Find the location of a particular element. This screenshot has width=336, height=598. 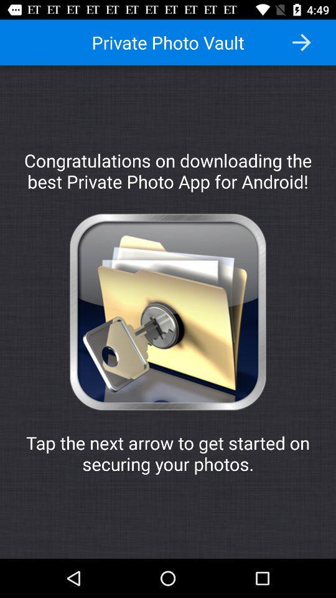

go forward is located at coordinates (301, 42).